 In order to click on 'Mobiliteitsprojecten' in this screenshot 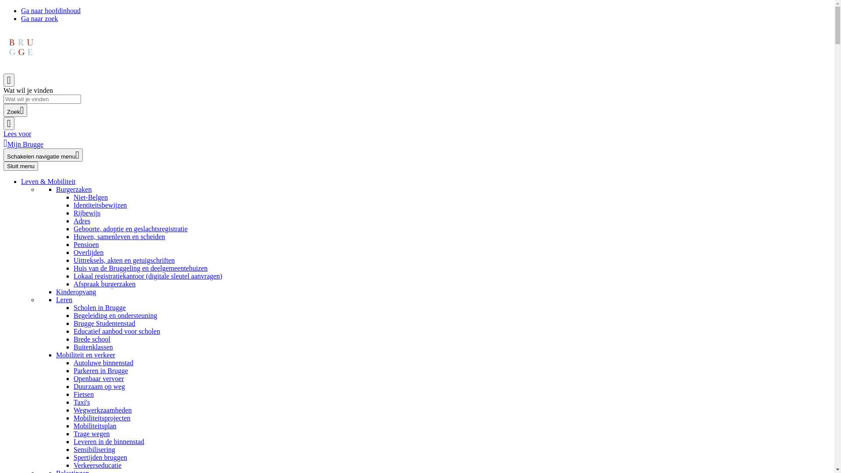, I will do `click(102, 417)`.